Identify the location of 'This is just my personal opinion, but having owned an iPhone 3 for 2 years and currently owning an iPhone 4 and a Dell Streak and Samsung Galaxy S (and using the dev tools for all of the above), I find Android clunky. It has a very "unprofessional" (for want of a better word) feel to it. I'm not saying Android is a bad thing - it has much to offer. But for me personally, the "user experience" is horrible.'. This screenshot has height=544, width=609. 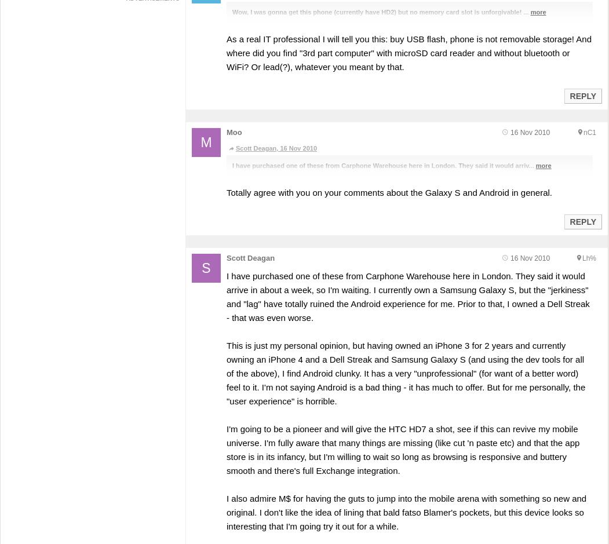
(225, 372).